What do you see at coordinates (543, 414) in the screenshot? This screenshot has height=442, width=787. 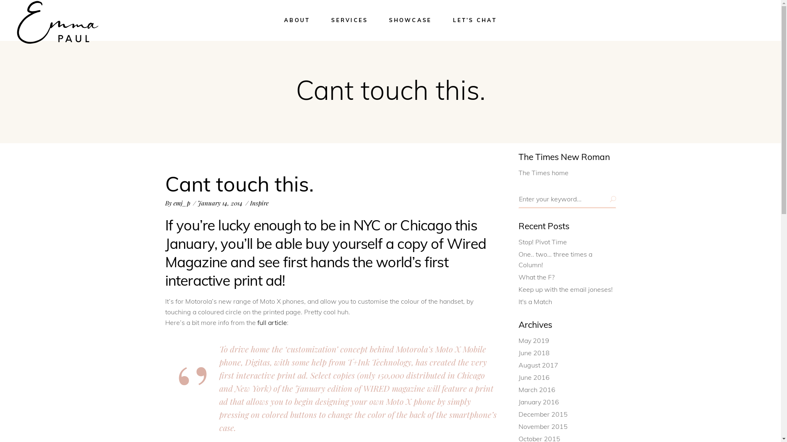 I see `'December 2015'` at bounding box center [543, 414].